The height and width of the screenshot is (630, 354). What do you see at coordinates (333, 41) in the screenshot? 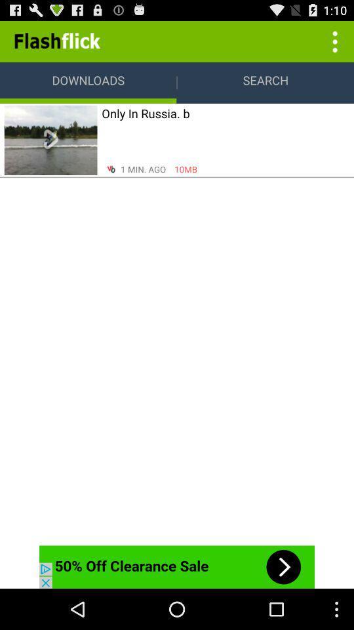
I see `menu button` at bounding box center [333, 41].